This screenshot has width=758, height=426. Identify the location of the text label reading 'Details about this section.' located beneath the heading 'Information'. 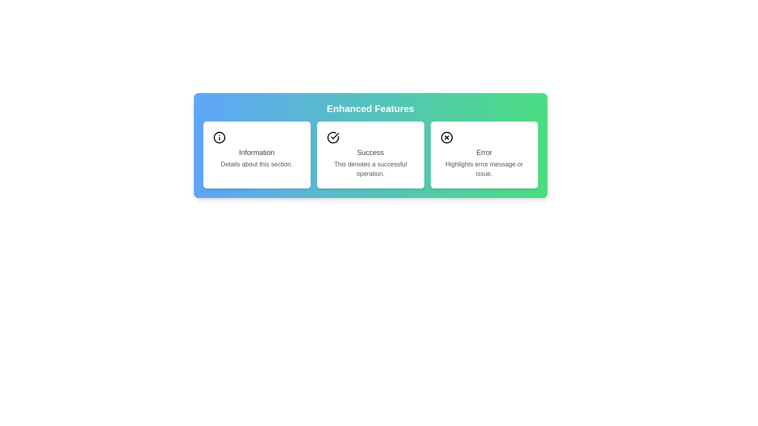
(257, 164).